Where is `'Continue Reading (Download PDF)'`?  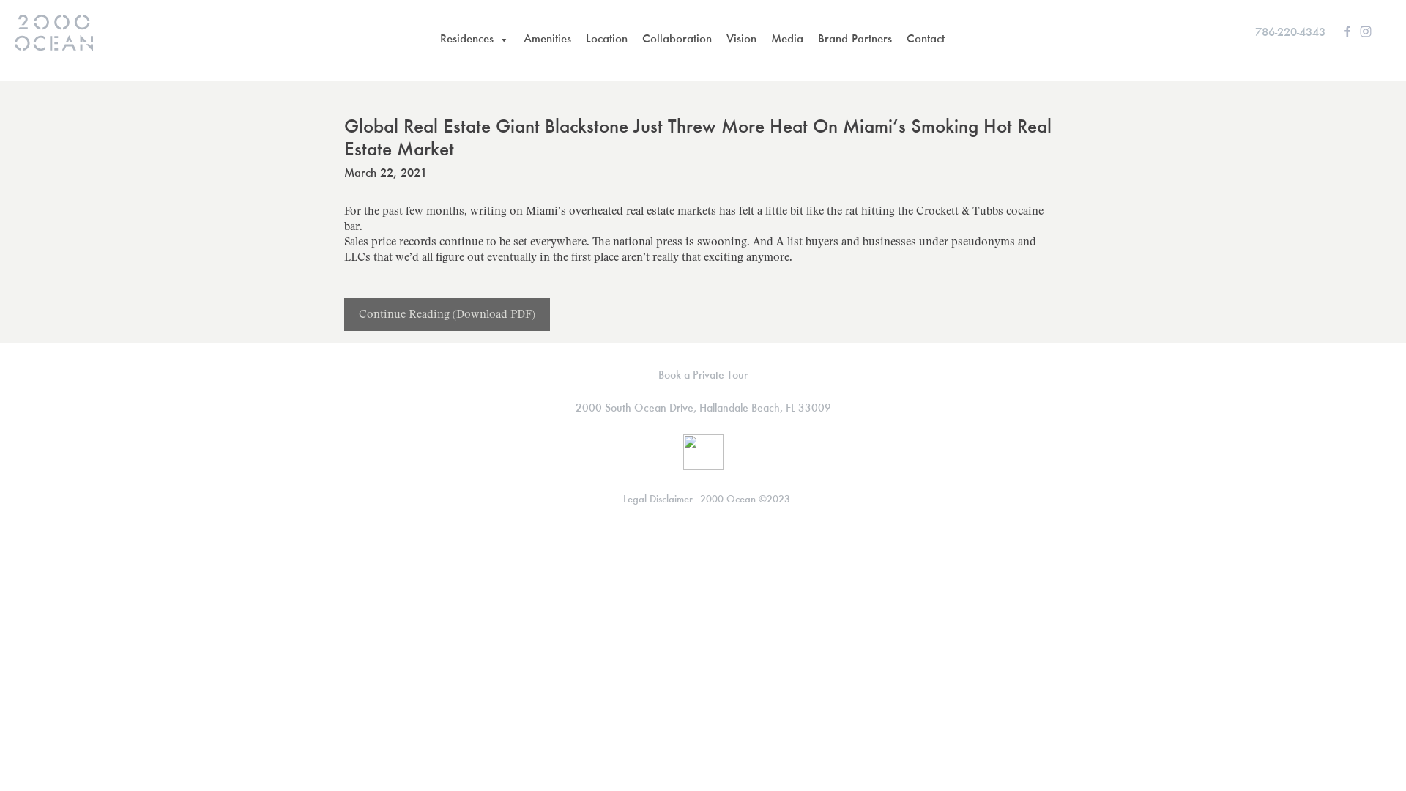 'Continue Reading (Download PDF)' is located at coordinates (446, 313).